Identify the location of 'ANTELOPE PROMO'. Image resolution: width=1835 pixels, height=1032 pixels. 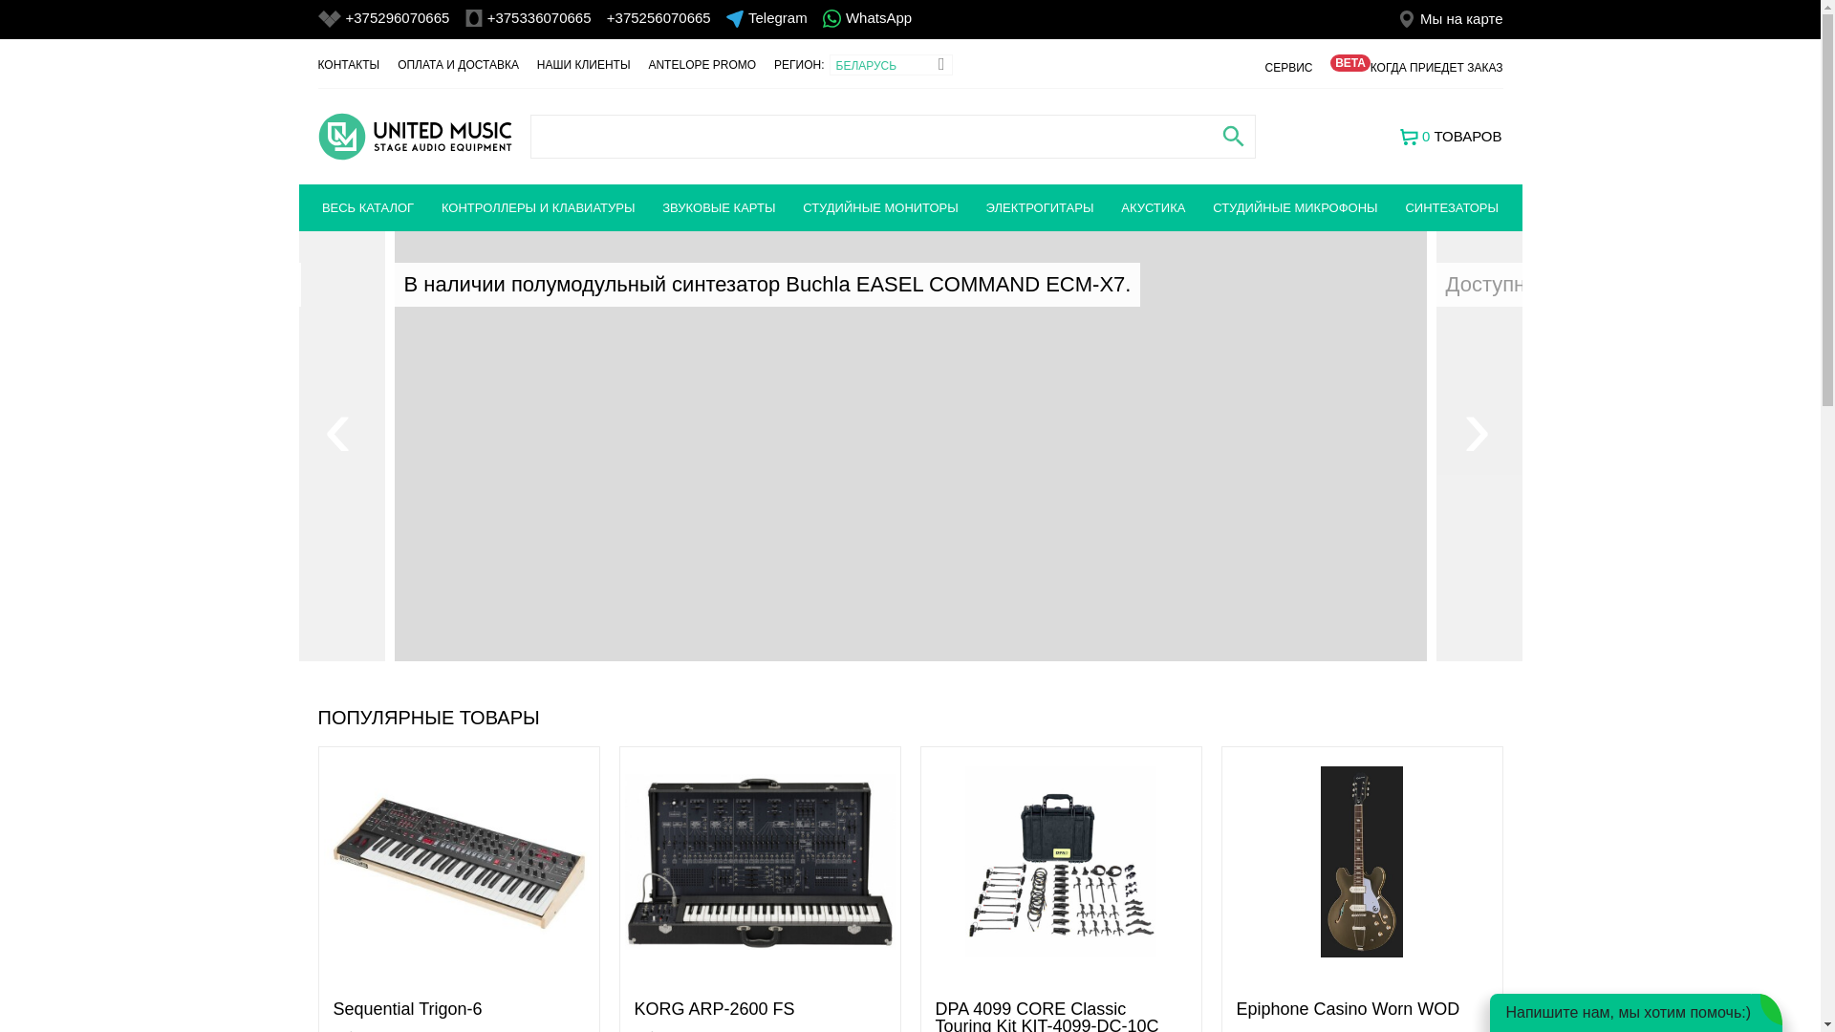
(701, 64).